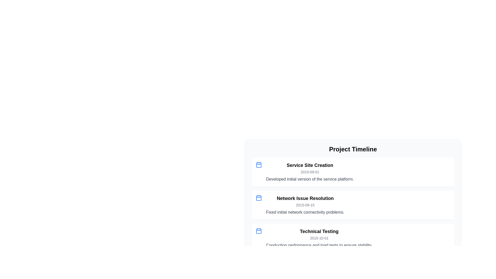  What do you see at coordinates (319, 238) in the screenshot?
I see `the third text information block in the vertical timeline that describes a timeline event related to the project, positioned below 'Service Site Creation' and 'Network Issue Resolution'` at bounding box center [319, 238].